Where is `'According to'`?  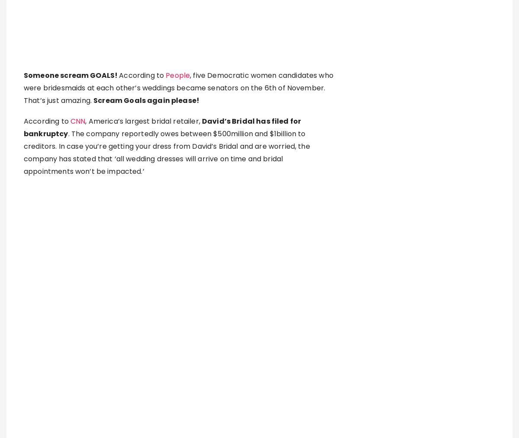 'According to' is located at coordinates (23, 350).